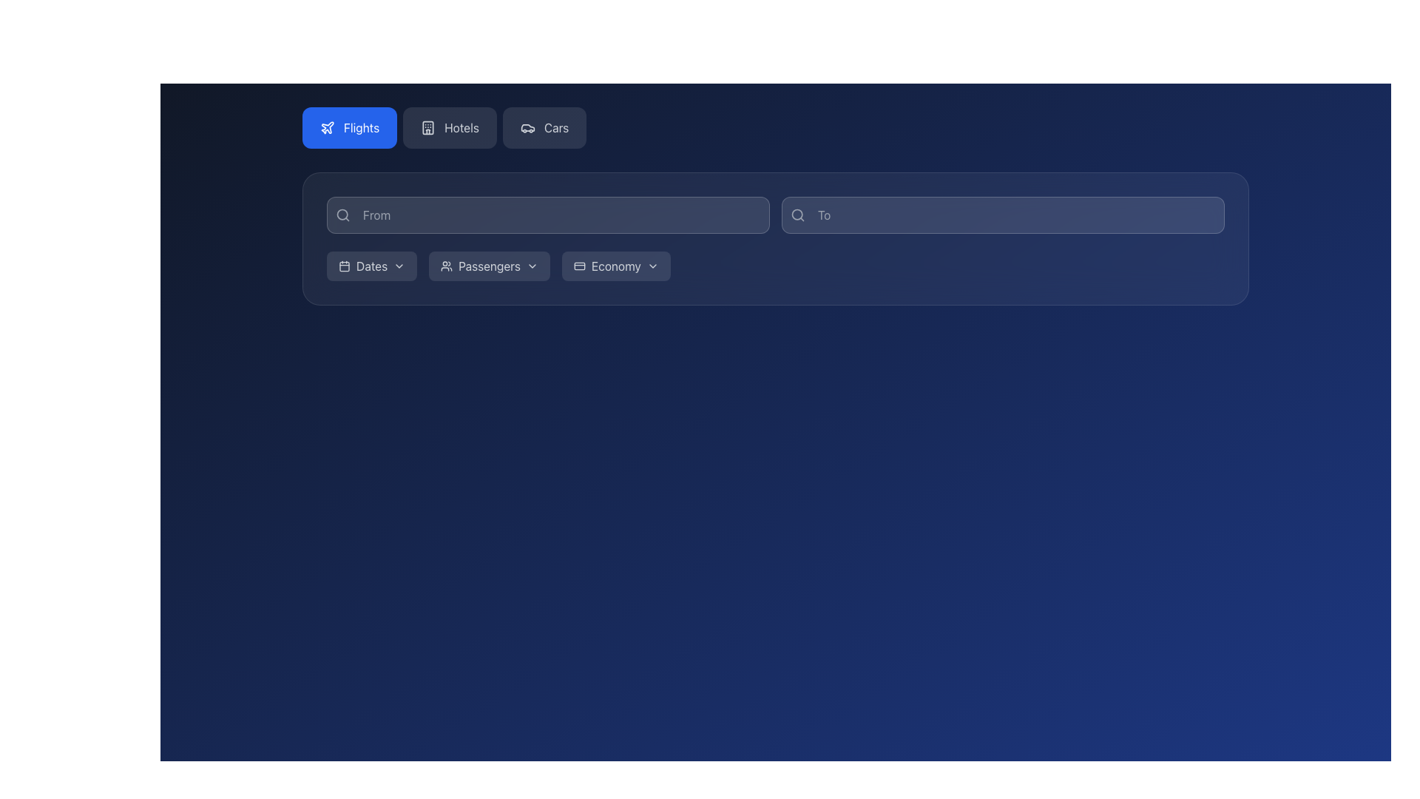  What do you see at coordinates (616, 265) in the screenshot?
I see `the Dropdown button labeled 'Economy'` at bounding box center [616, 265].